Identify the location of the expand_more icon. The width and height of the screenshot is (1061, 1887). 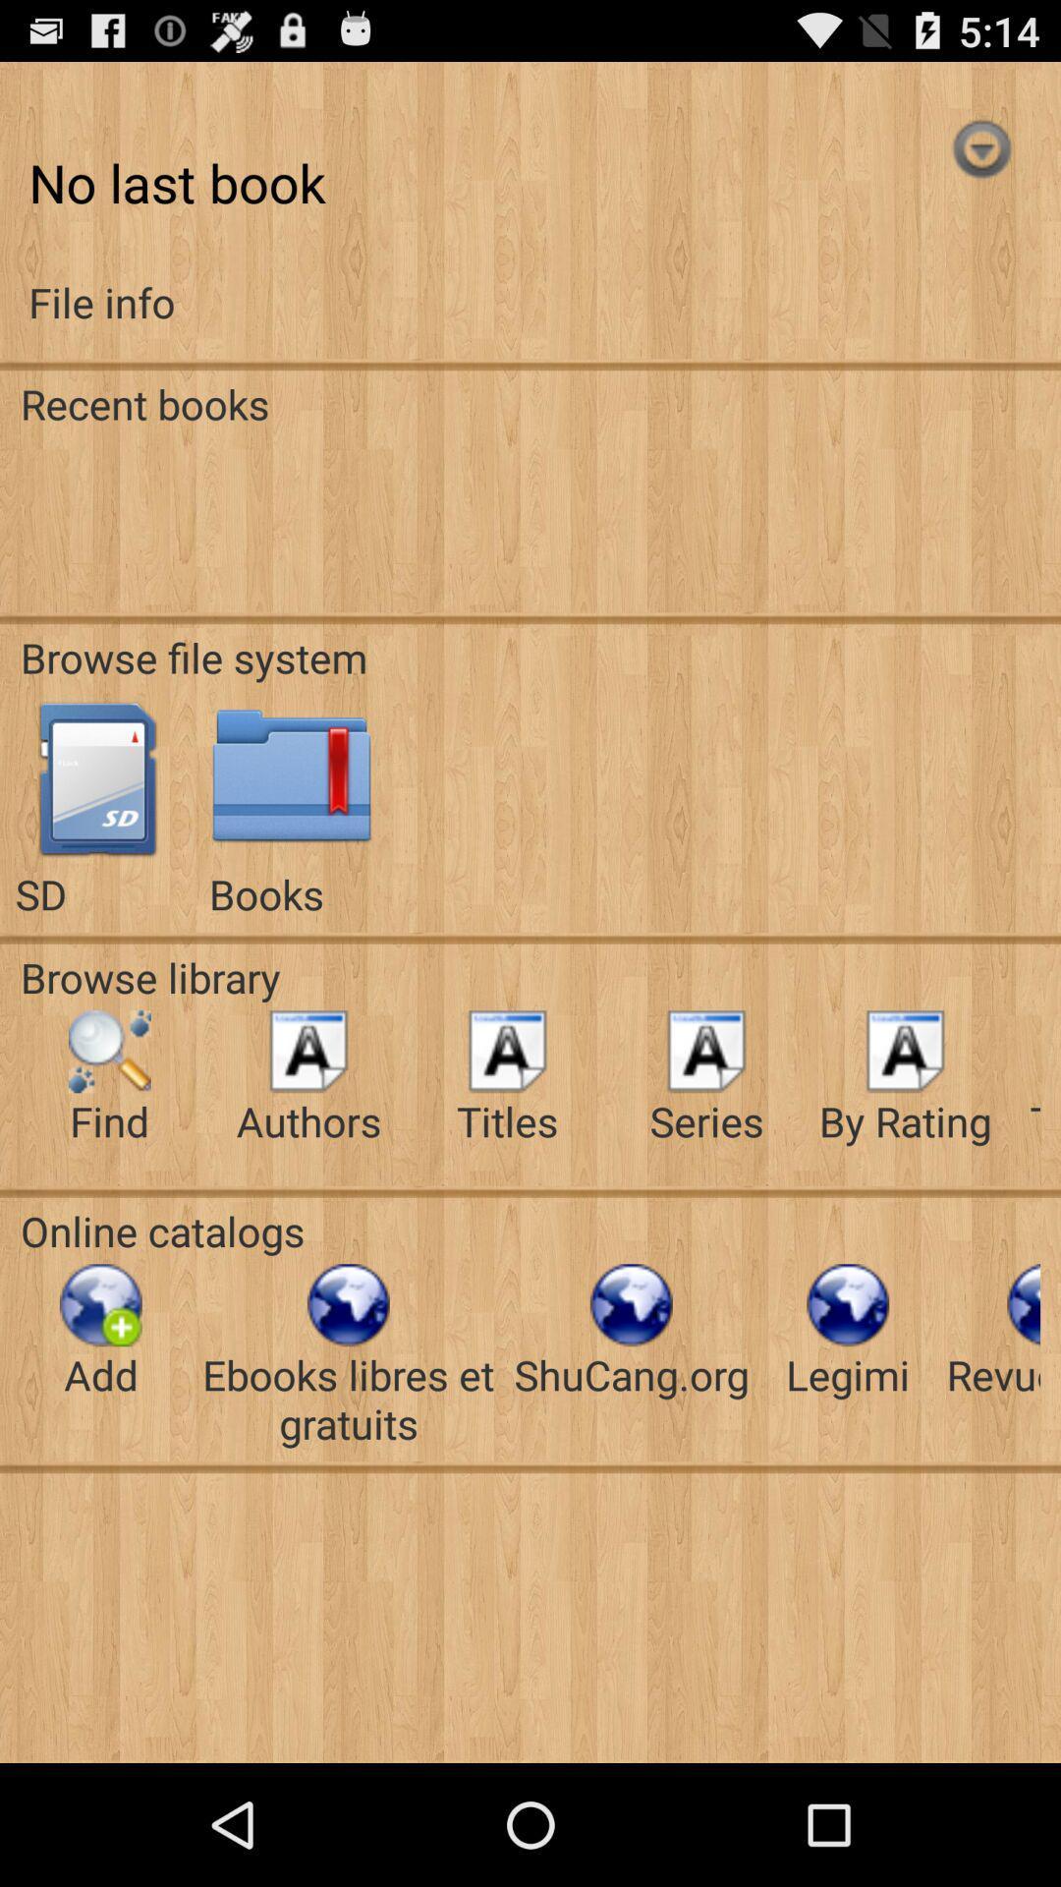
(981, 165).